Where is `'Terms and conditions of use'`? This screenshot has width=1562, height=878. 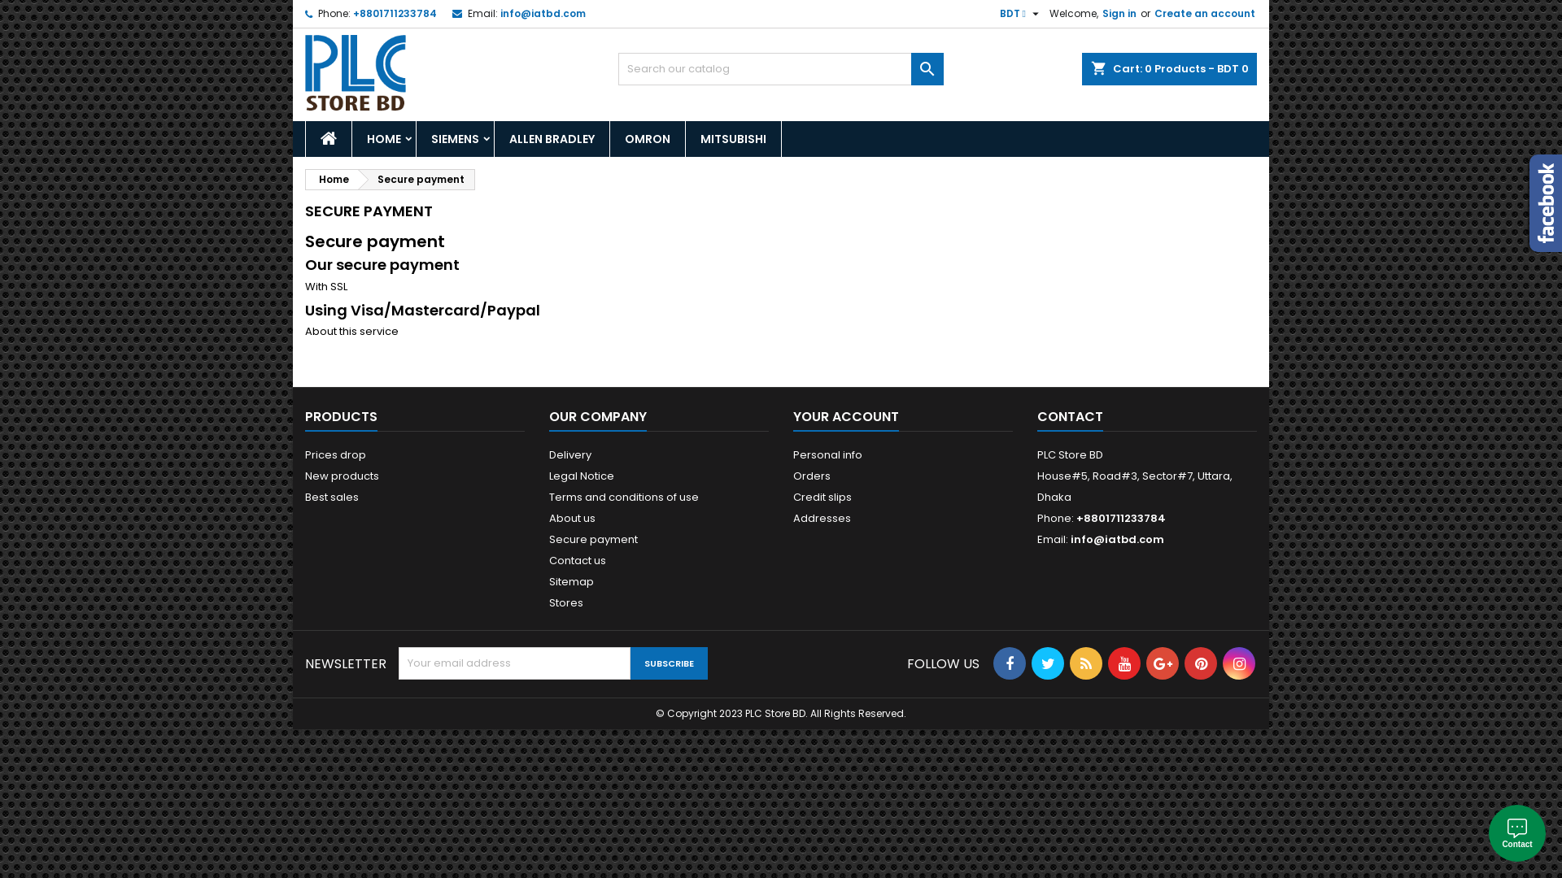 'Terms and conditions of use' is located at coordinates (623, 496).